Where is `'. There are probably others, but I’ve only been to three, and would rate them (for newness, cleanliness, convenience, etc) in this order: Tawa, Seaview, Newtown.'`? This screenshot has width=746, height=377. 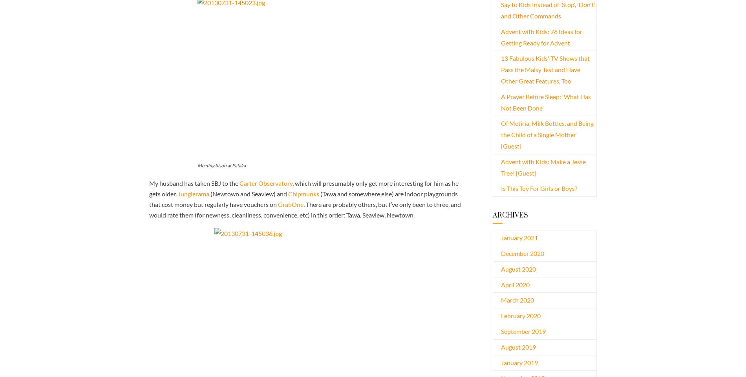
'. There are probably others, but I’ve only been to three, and would rate them (for newness, cleanliness, convenience, etc) in this order: Tawa, Seaview, Newtown.' is located at coordinates (304, 209).